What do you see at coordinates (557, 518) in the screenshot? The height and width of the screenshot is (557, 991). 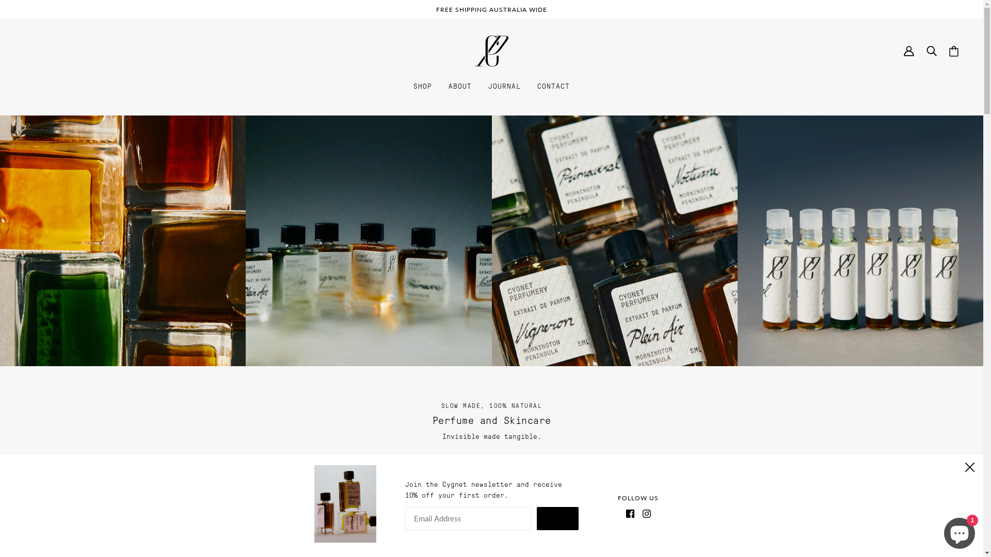 I see `'ENTER'` at bounding box center [557, 518].